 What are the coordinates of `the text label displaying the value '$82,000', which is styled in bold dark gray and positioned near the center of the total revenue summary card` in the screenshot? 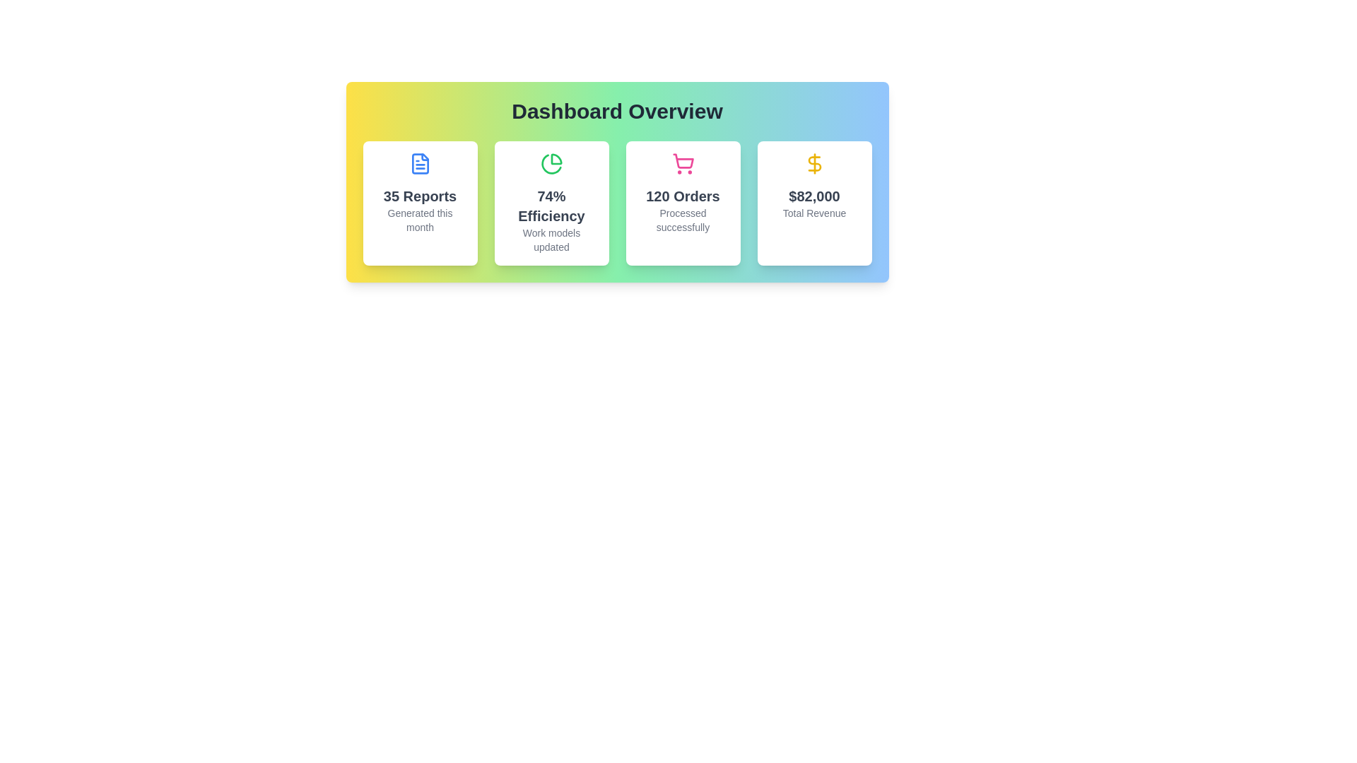 It's located at (814, 196).